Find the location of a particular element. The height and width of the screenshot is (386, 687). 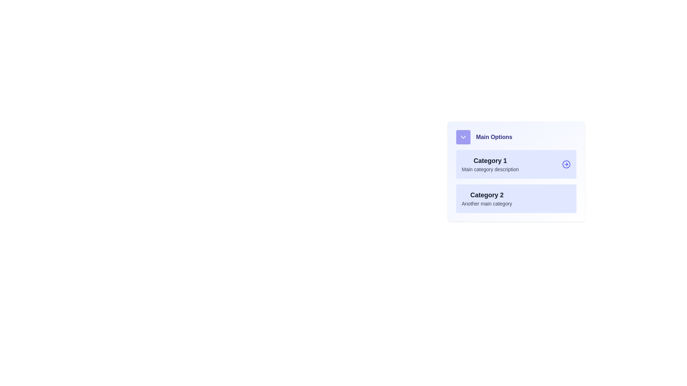

the static text label displaying 'Category 2' which is styled in bold dark gray on a light background, located in the lower section of the 'Main Options' panel is located at coordinates (487, 195).